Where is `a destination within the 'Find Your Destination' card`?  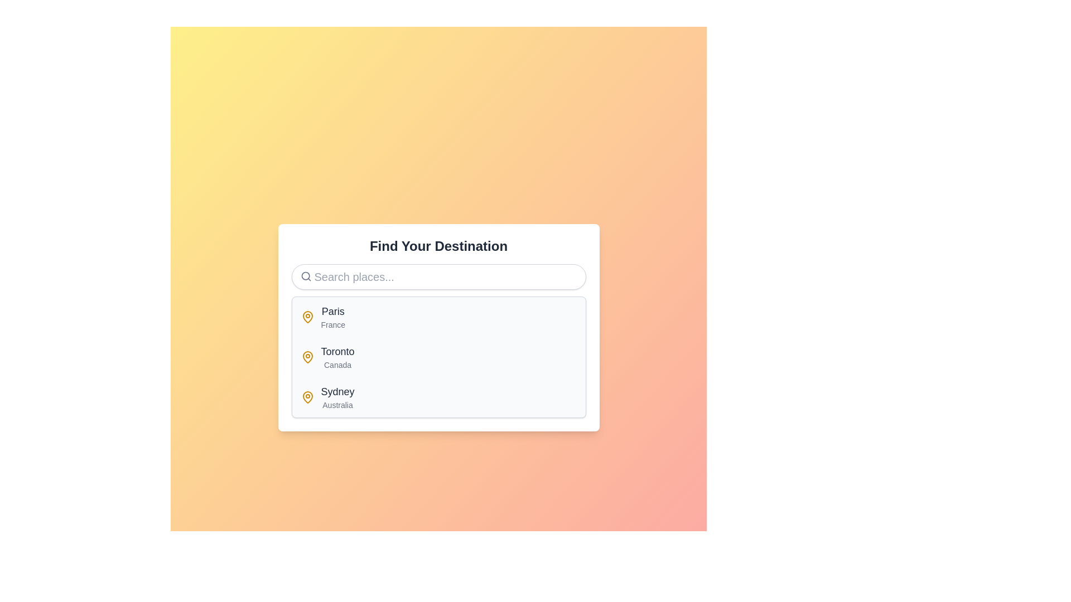 a destination within the 'Find Your Destination' card is located at coordinates (438, 327).